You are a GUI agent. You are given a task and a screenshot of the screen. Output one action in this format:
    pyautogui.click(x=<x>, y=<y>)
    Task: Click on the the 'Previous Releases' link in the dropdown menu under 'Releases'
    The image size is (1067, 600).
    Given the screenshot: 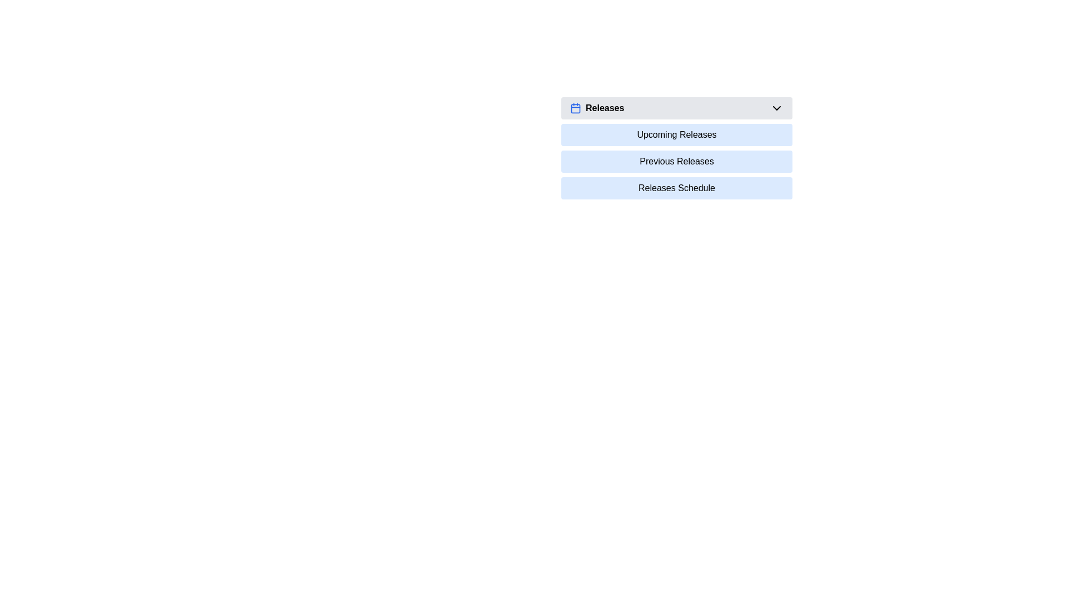 What is the action you would take?
    pyautogui.click(x=676, y=147)
    